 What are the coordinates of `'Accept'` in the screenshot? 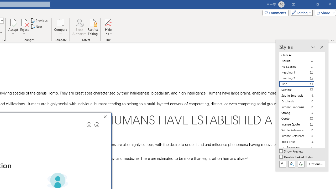 It's located at (13, 27).